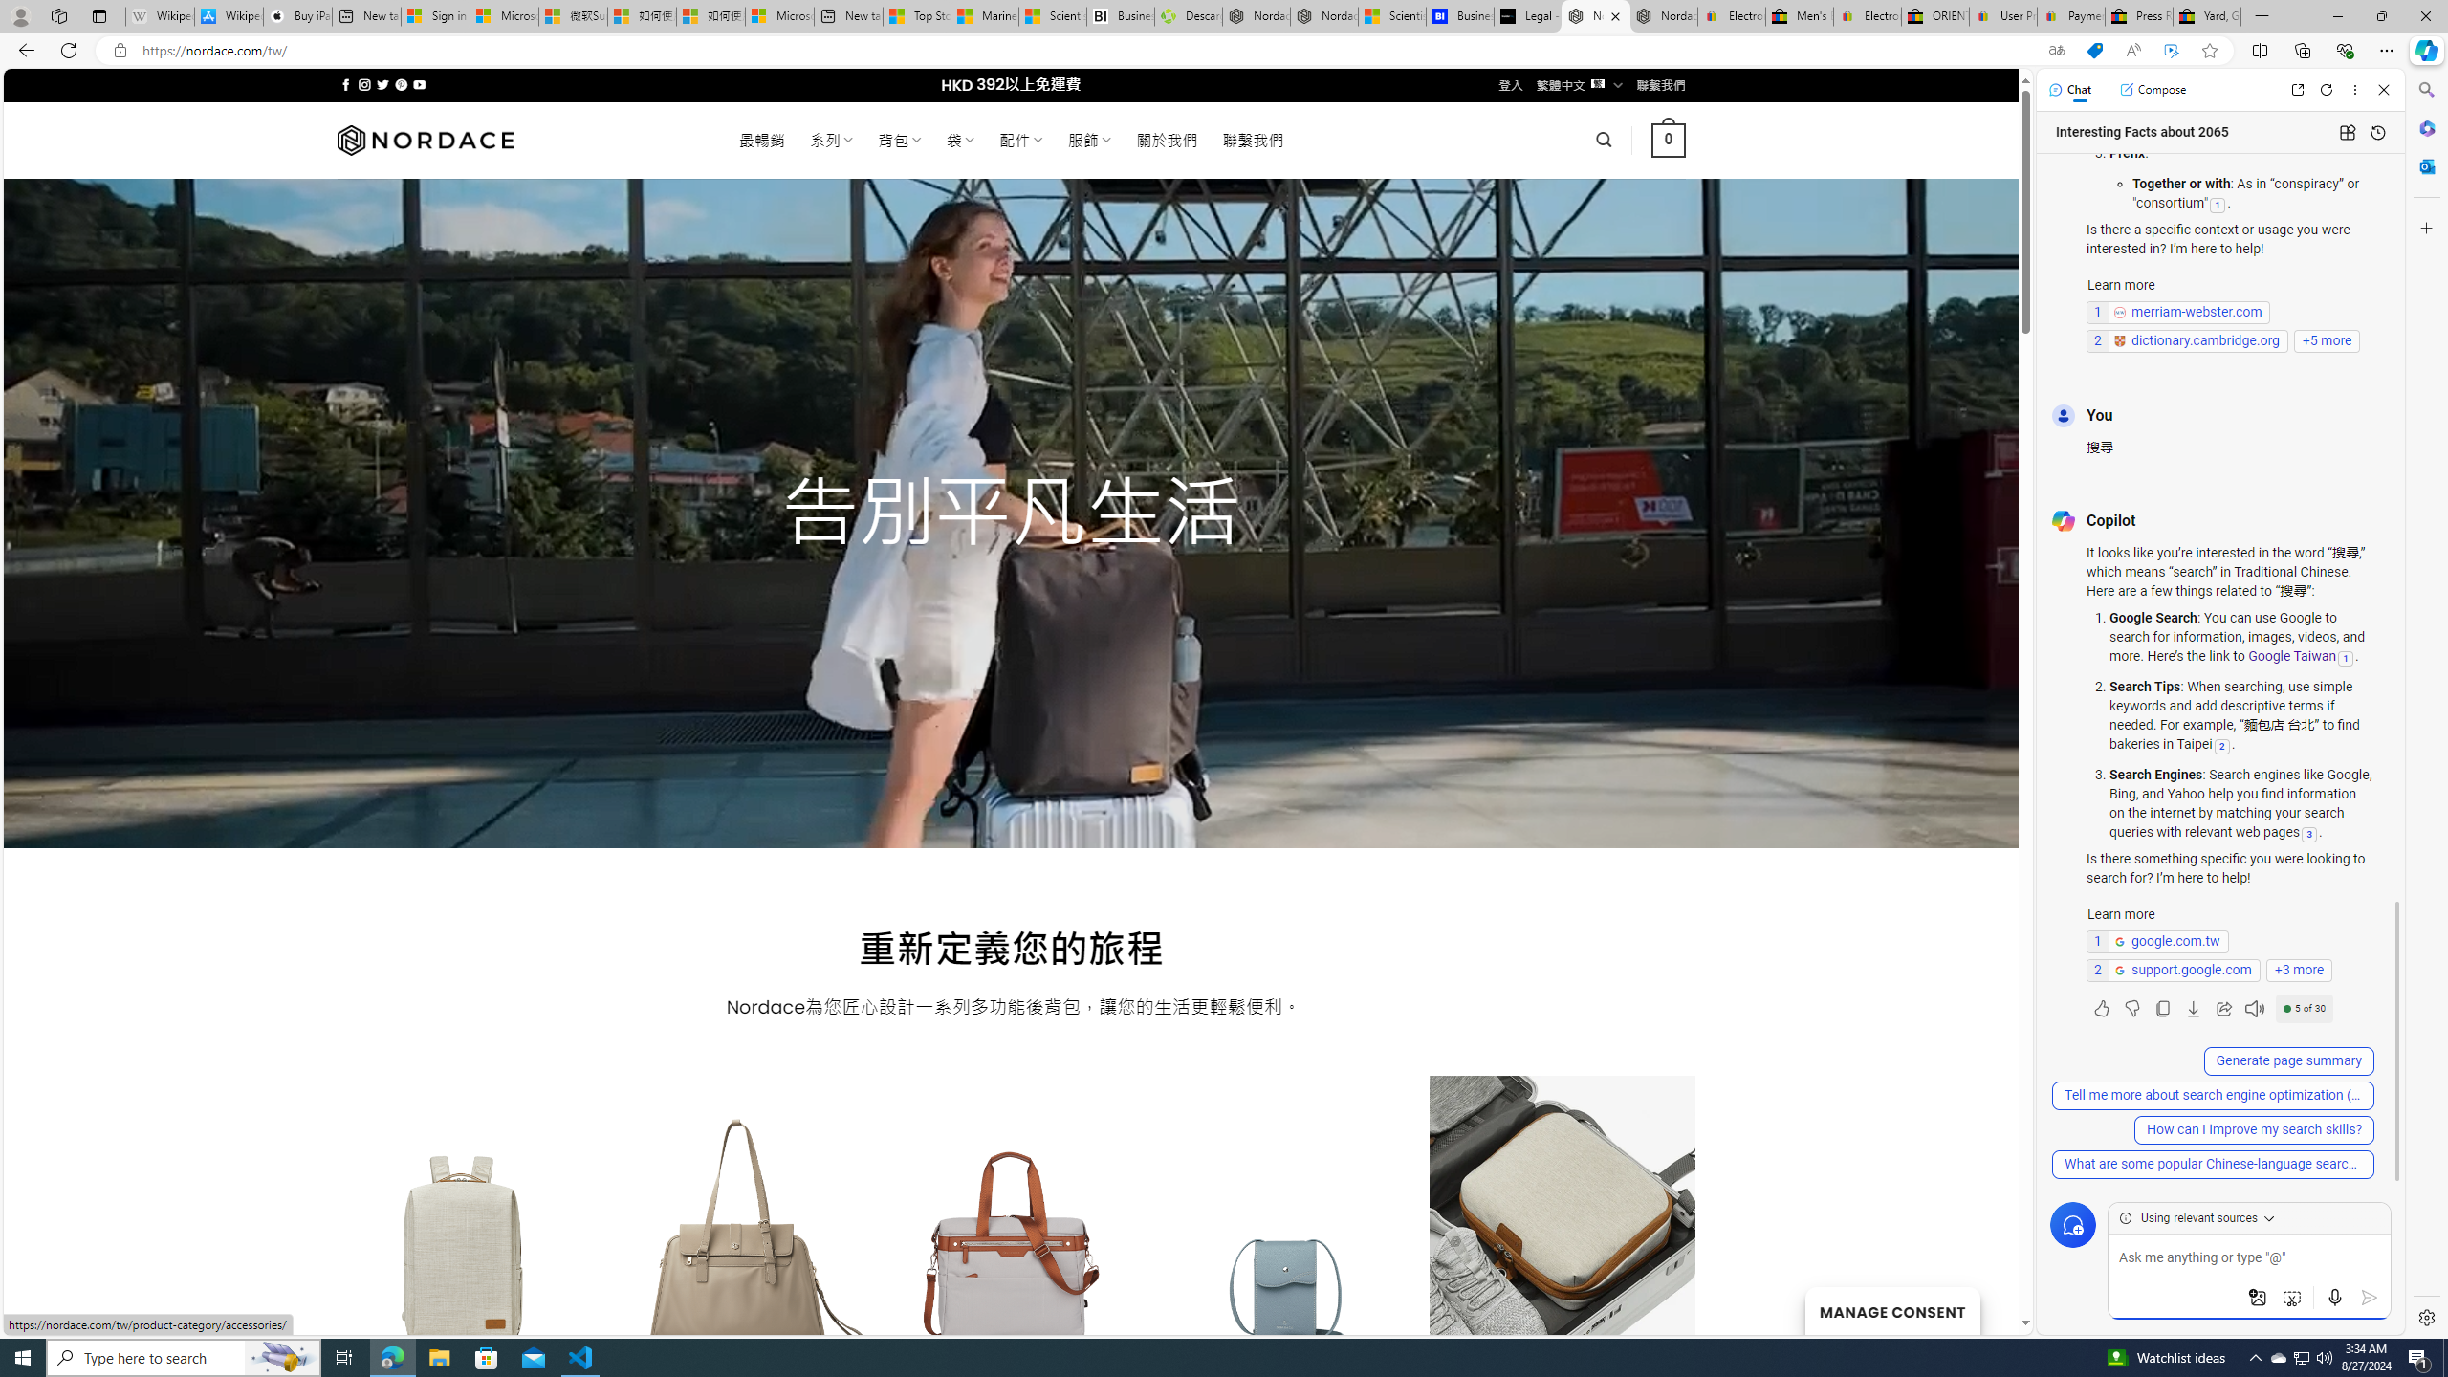 Image resolution: width=2448 pixels, height=1377 pixels. I want to click on 'Microsoft account | Account Checkup', so click(779, 15).